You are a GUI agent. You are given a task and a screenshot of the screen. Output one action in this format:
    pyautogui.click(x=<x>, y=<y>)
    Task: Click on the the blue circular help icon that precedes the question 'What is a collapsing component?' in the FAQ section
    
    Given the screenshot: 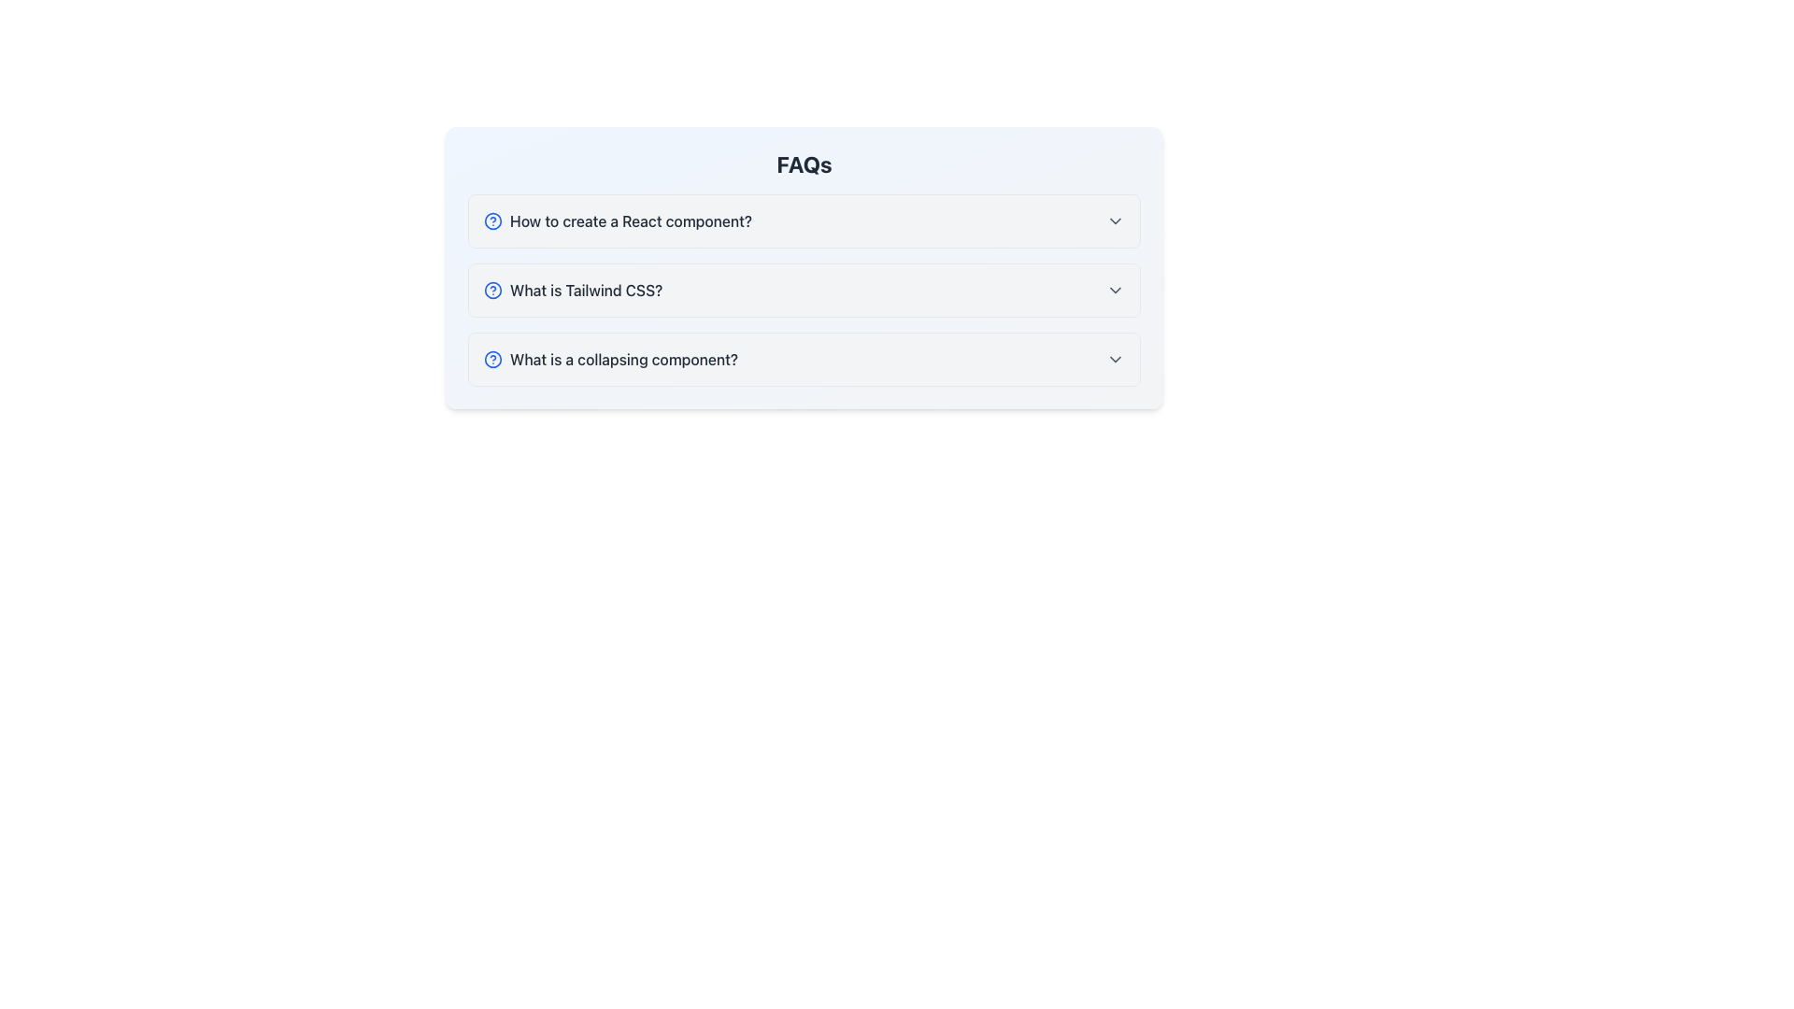 What is the action you would take?
    pyautogui.click(x=493, y=360)
    